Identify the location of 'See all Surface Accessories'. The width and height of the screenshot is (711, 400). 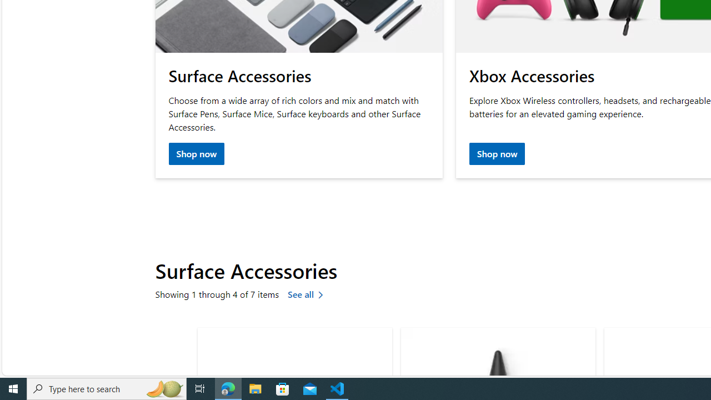
(308, 294).